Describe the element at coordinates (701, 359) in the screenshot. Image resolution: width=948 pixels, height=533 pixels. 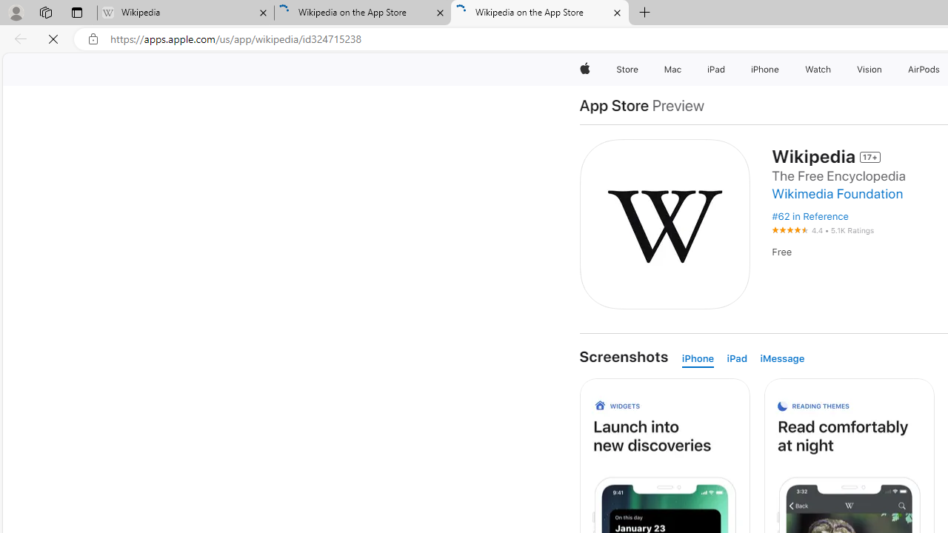
I see `'iPhone'` at that location.